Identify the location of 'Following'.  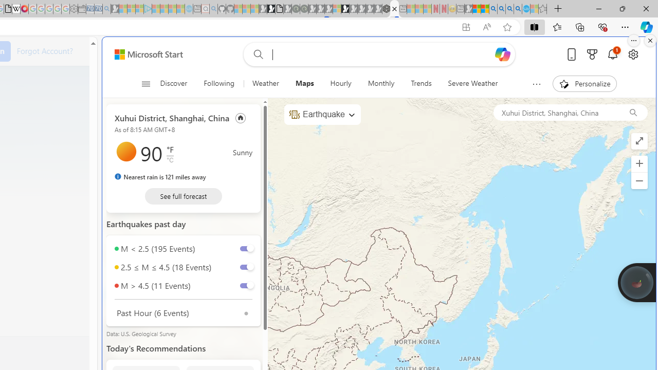
(219, 83).